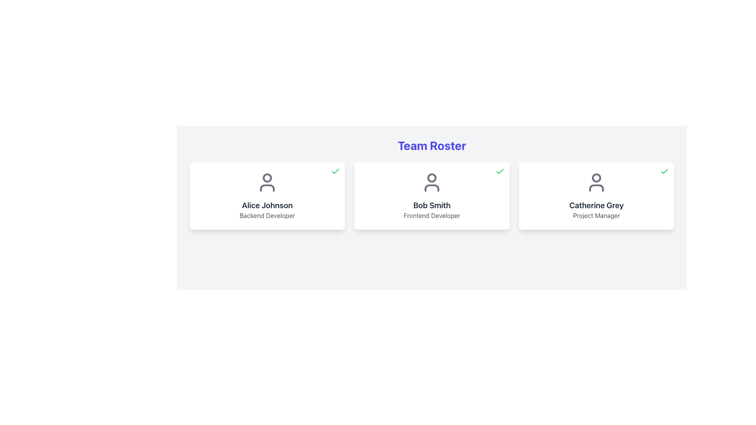 This screenshot has height=425, width=756. What do you see at coordinates (597, 182) in the screenshot?
I see `the decorative icon representing the user 'Catherine Grey', located at the top center of the card titled 'Catherine Grey' and subtitled 'Project Manager'` at bounding box center [597, 182].